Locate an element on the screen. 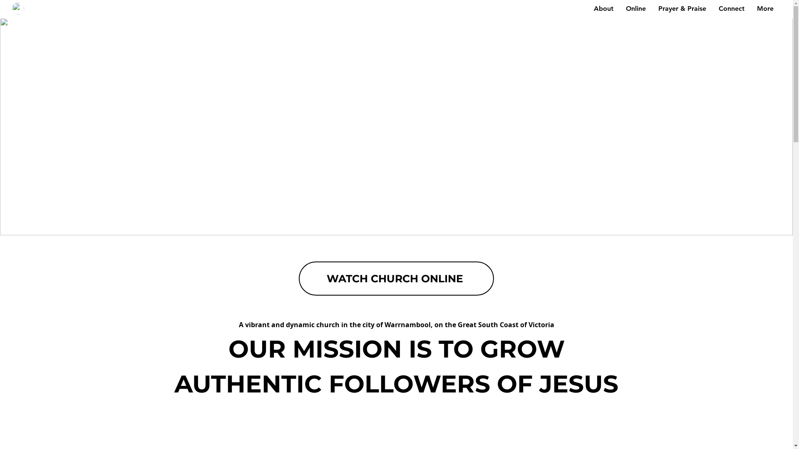  'Connect' is located at coordinates (731, 8).